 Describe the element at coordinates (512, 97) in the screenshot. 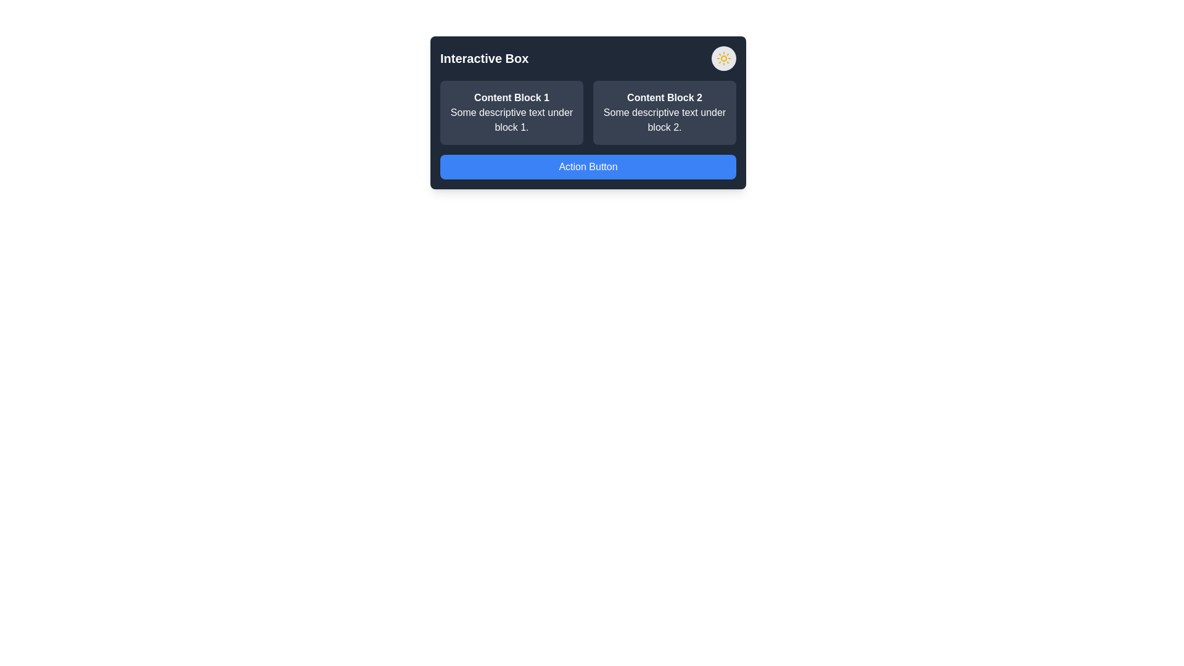

I see `the Text Label, which serves as the heading for the left gray block under the 'Interactive Box' heading, positioned at the top of the block` at that location.